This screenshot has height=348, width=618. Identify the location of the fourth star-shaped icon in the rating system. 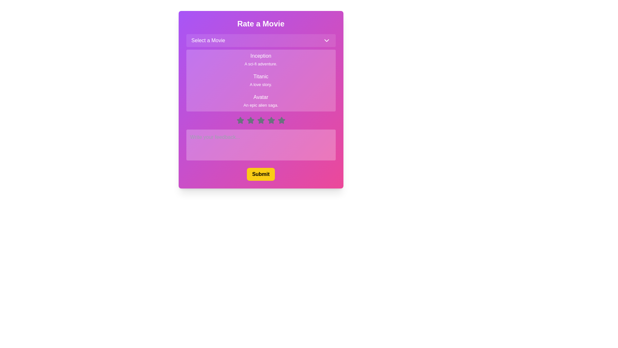
(271, 120).